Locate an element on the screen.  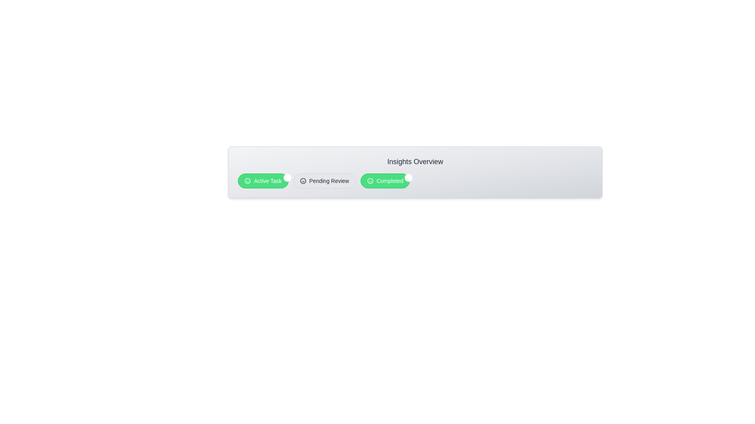
the chip labeled 'Completed' is located at coordinates (385, 181).